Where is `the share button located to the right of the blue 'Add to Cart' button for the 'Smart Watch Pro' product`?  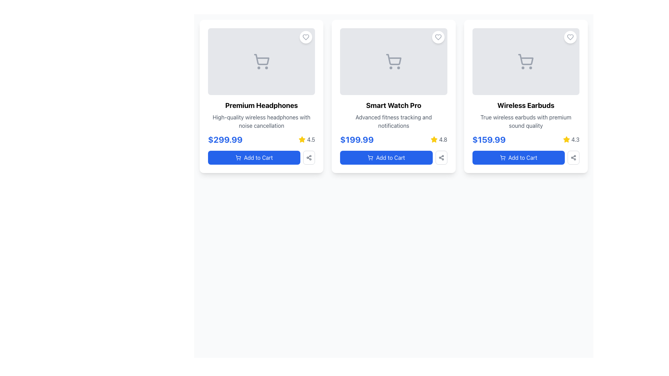
the share button located to the right of the blue 'Add to Cart' button for the 'Smart Watch Pro' product is located at coordinates (441, 157).